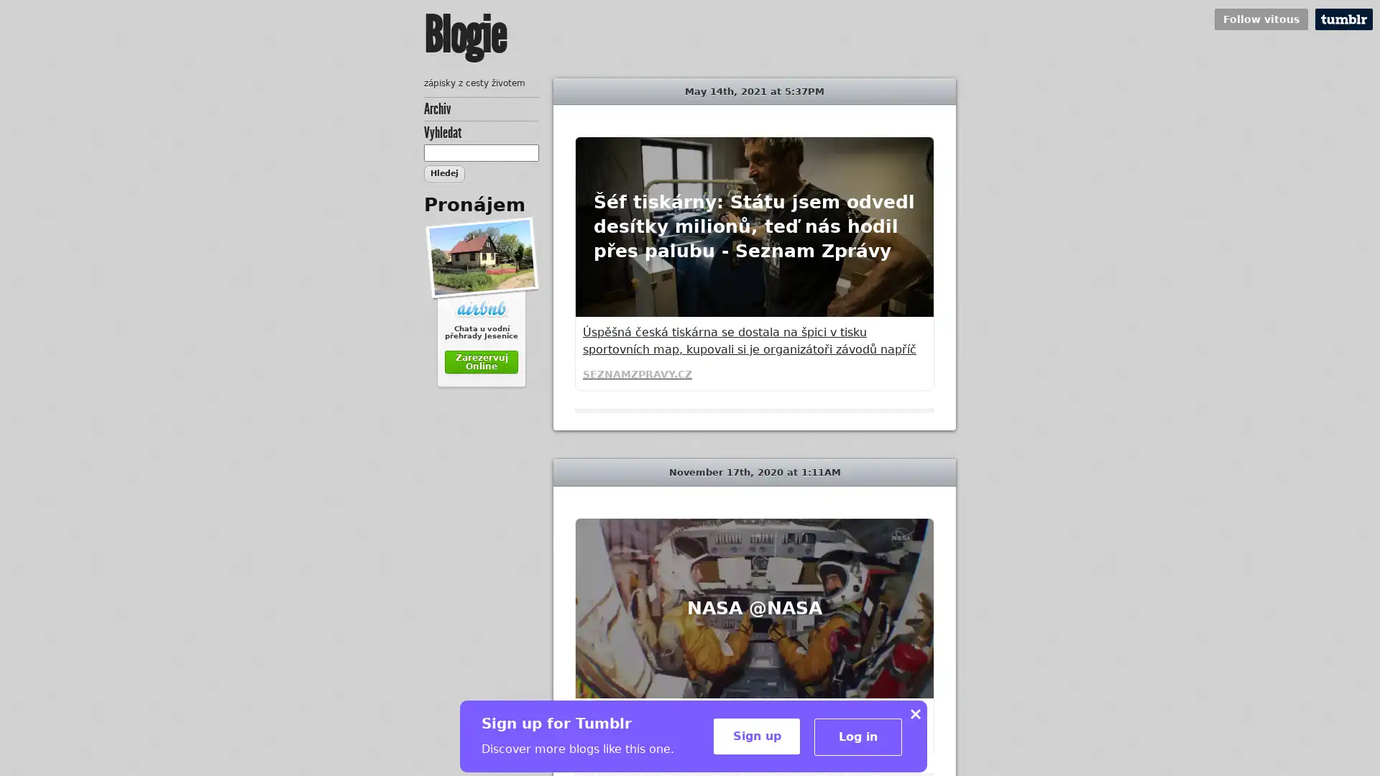  Describe the element at coordinates (443, 173) in the screenshot. I see `Hledej` at that location.